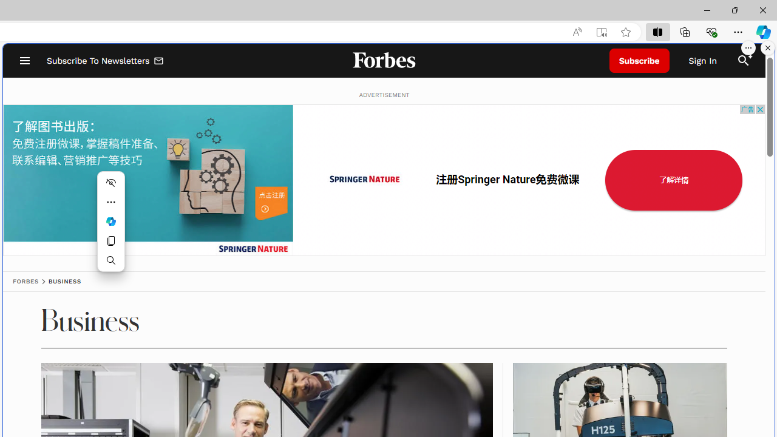  I want to click on 'Mini menu on text selection', so click(111, 228).